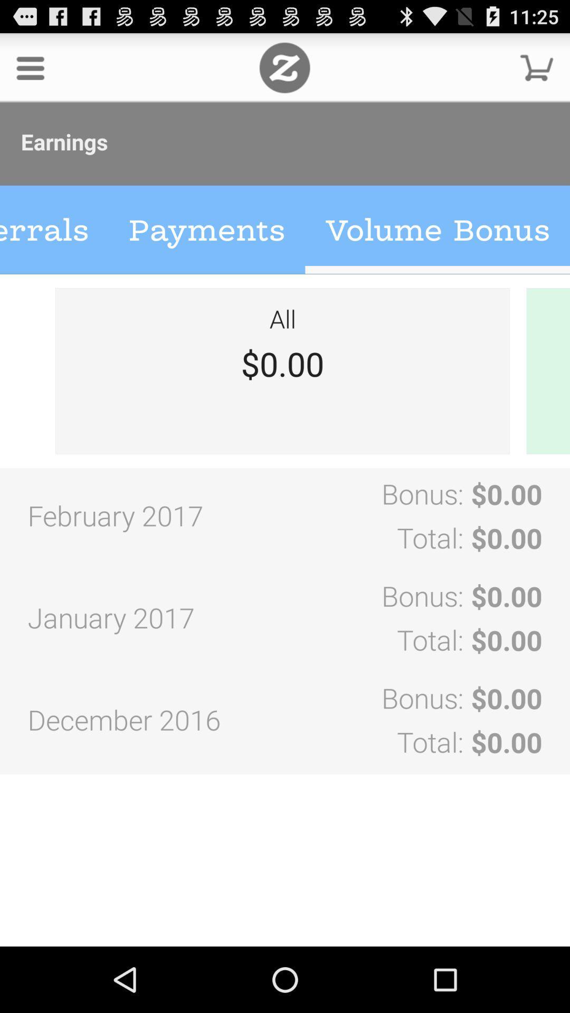 This screenshot has height=1013, width=570. Describe the element at coordinates (537, 72) in the screenshot. I see `the cart icon` at that location.